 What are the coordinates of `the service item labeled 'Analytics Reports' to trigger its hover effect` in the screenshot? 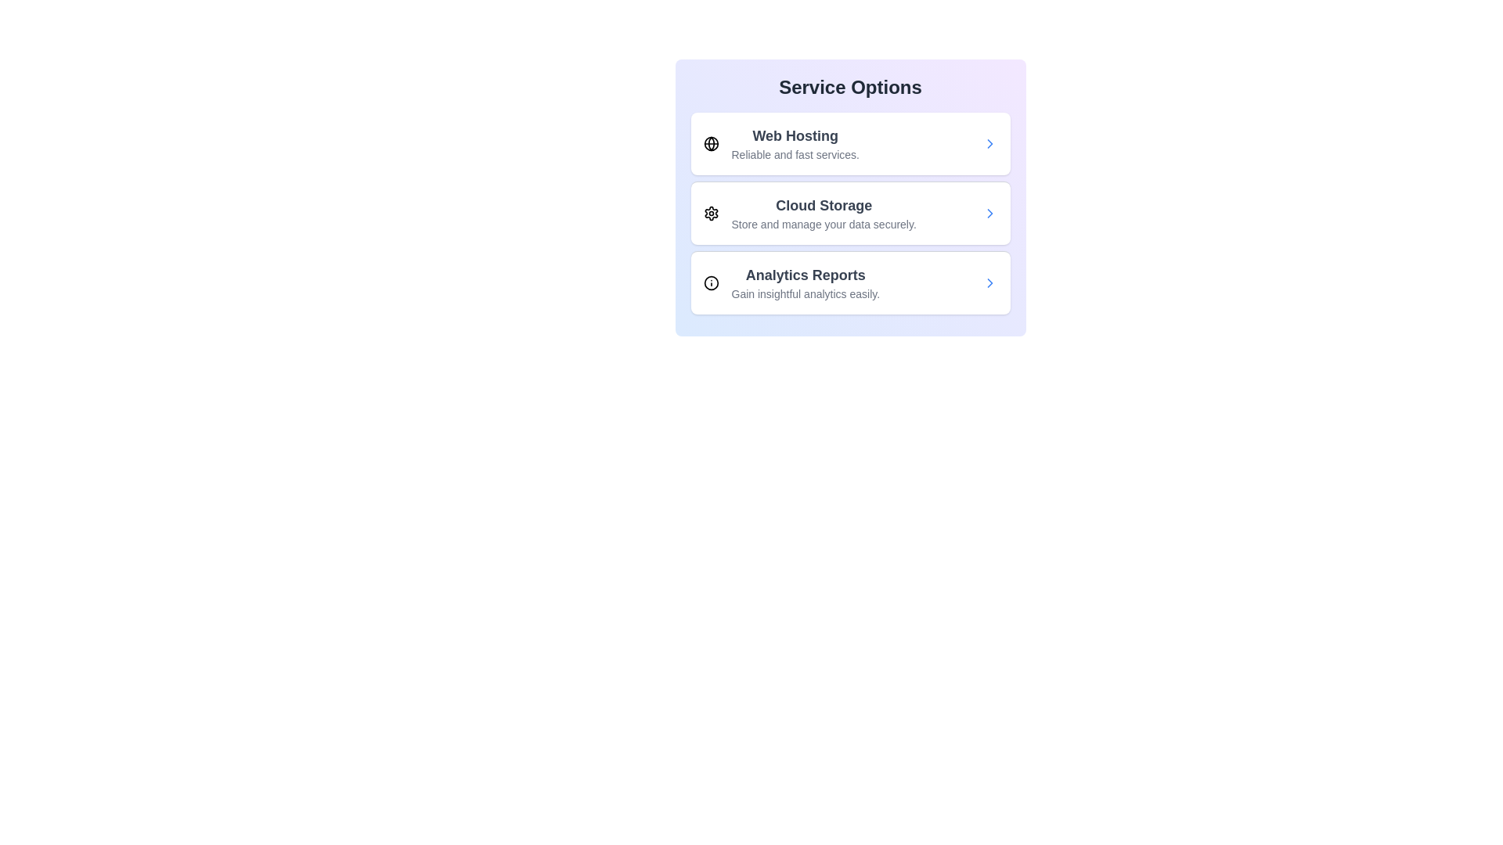 It's located at (849, 282).